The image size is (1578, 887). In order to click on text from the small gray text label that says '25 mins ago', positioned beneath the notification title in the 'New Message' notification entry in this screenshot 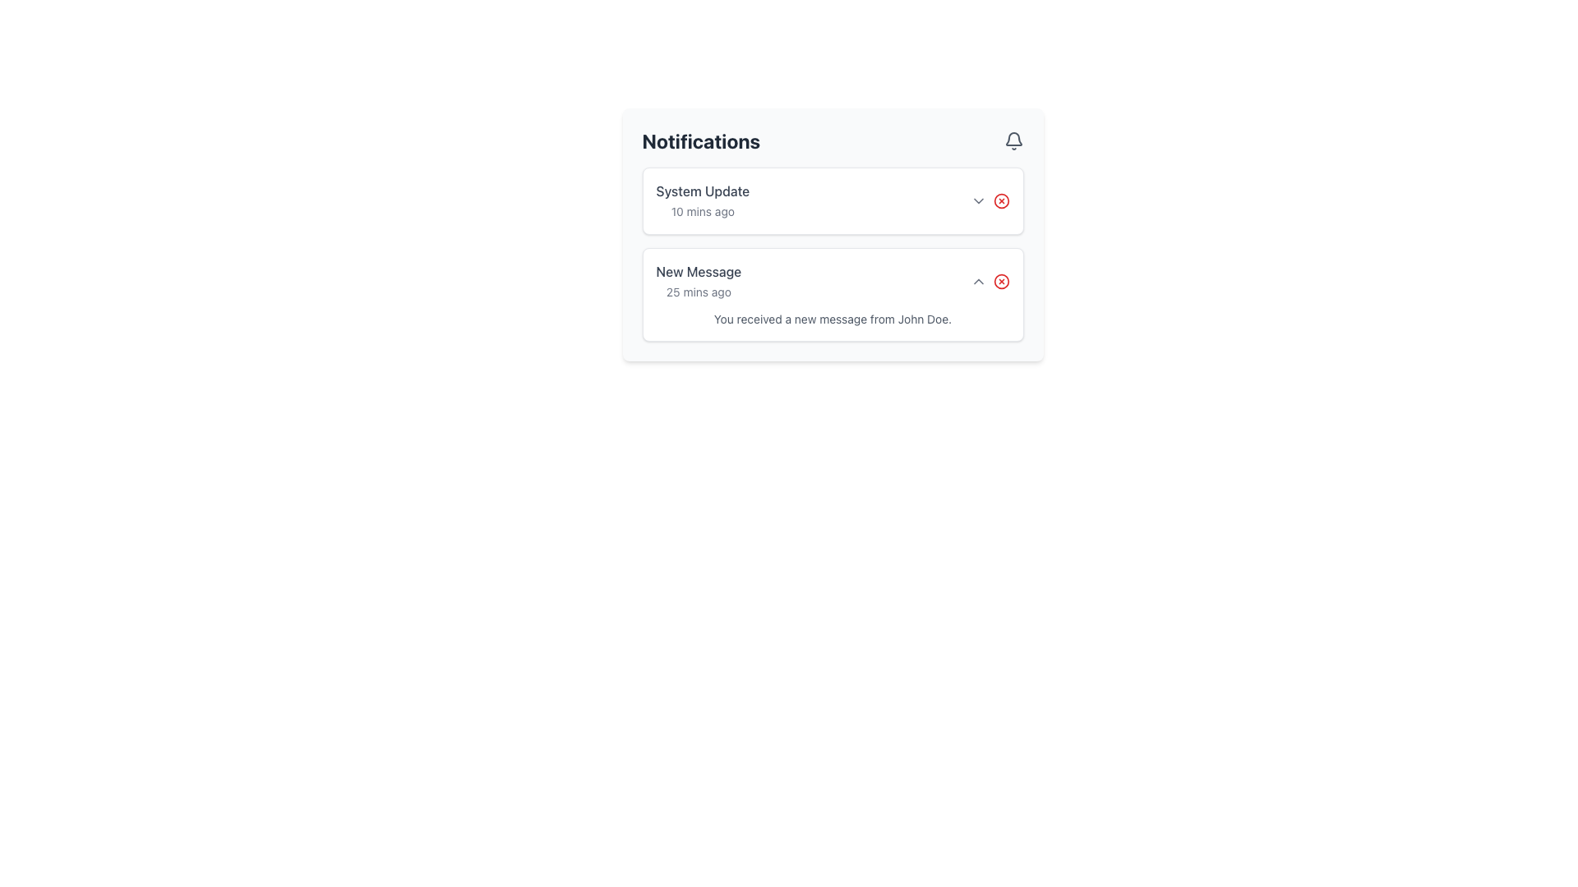, I will do `click(699, 291)`.